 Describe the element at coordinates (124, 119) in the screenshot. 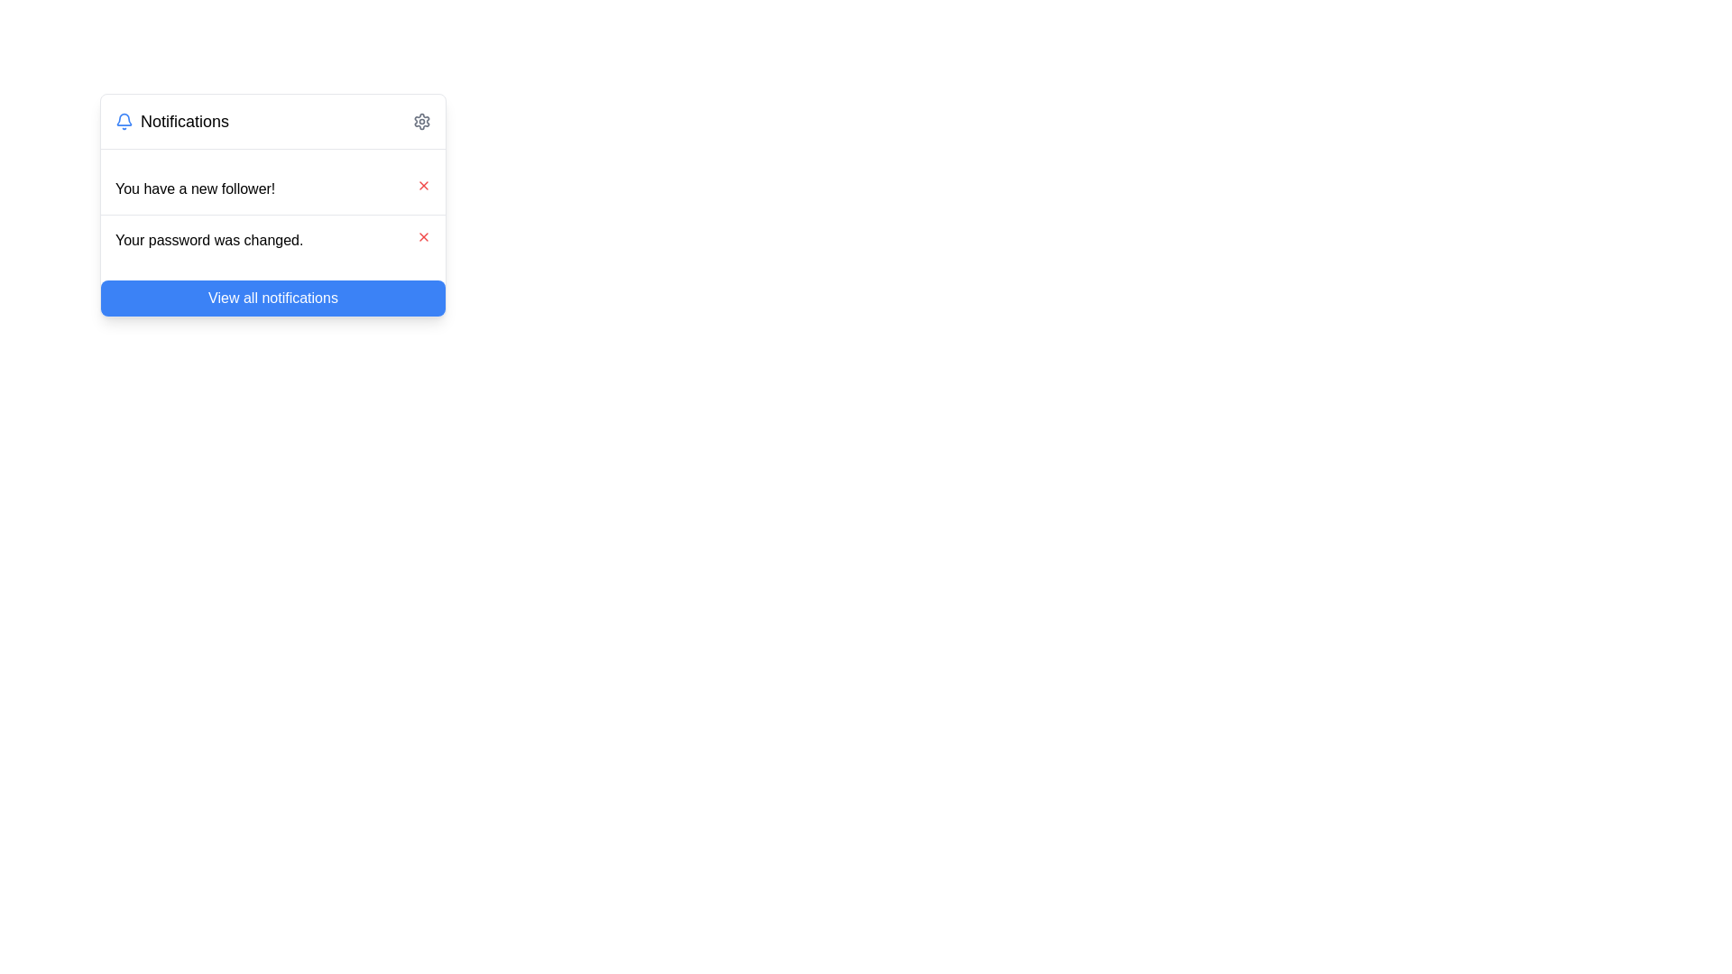

I see `the notification bell icon which has a blue outline and white fill, representing the main body of the bell` at that location.